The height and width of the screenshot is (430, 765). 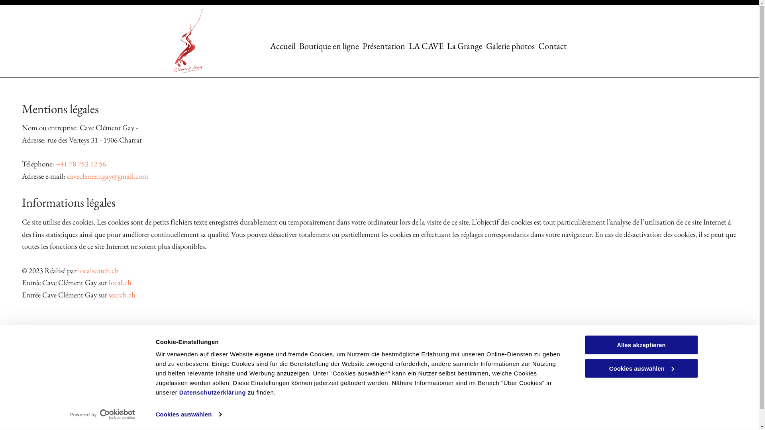 I want to click on 'Accueil', so click(x=283, y=45).